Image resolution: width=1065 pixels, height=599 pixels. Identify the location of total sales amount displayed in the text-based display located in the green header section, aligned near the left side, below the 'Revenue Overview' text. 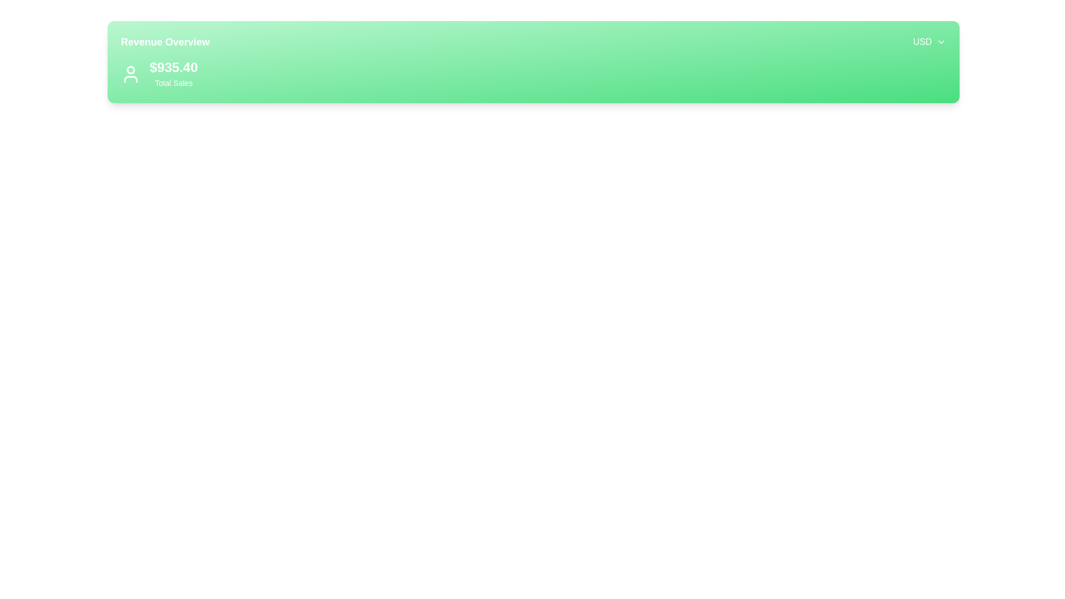
(173, 74).